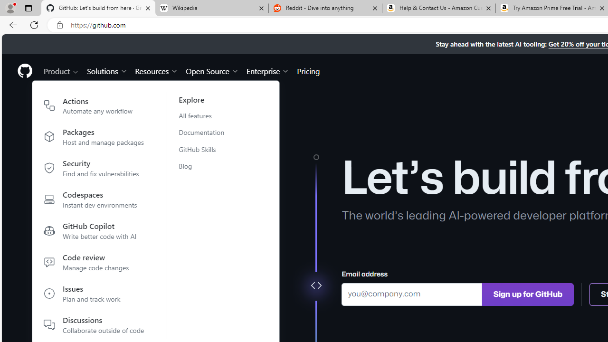  What do you see at coordinates (94, 201) in the screenshot?
I see `'Codespaces Instant dev environments'` at bounding box center [94, 201].